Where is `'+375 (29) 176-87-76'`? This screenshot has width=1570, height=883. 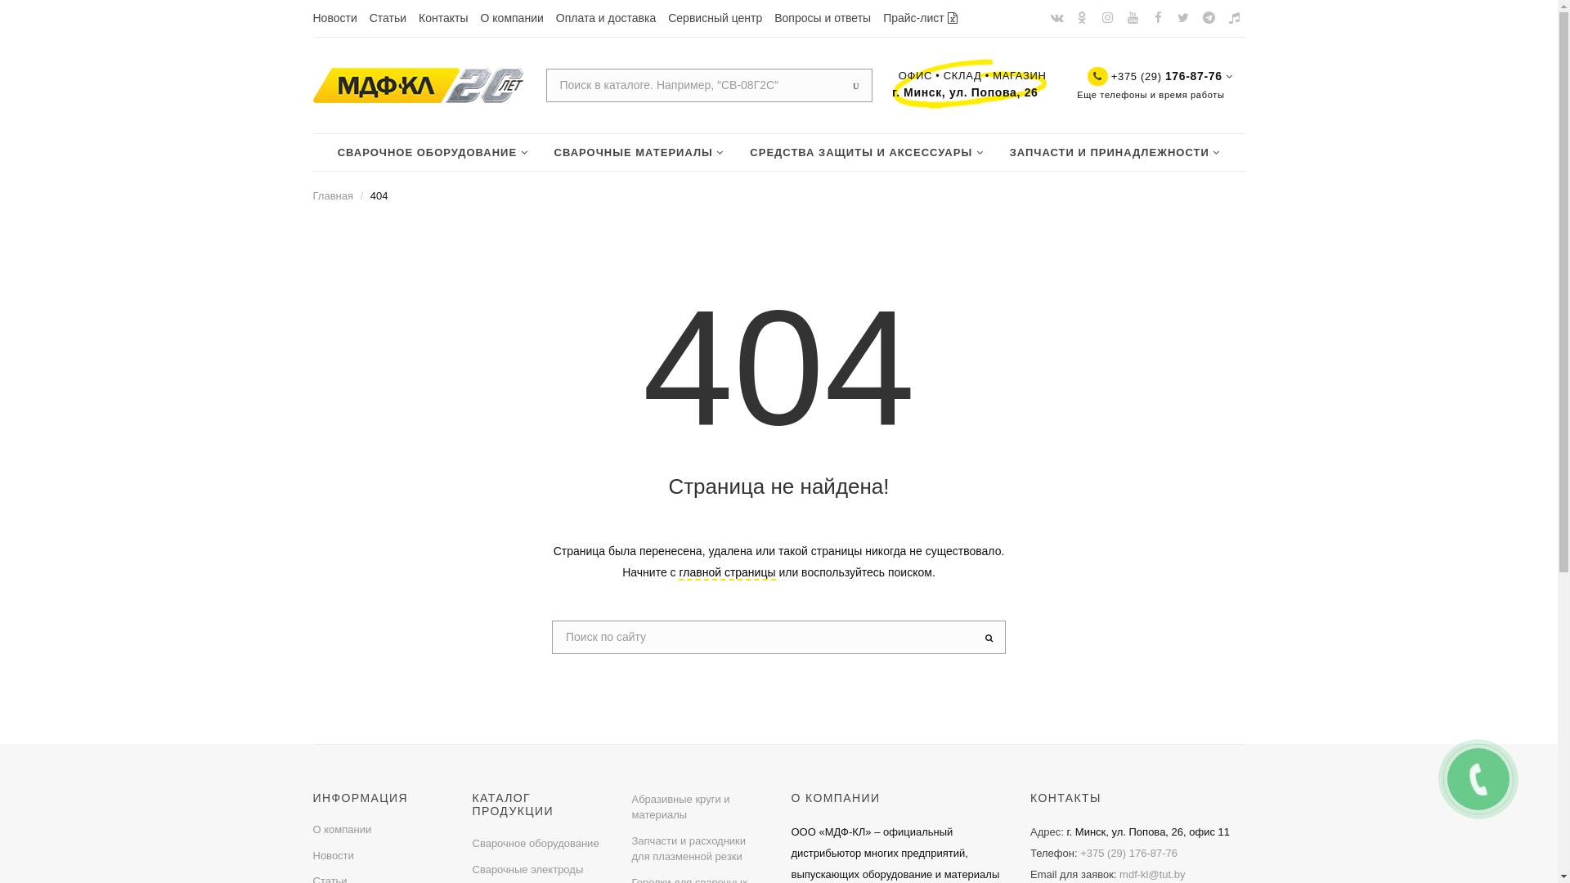 '+375 (29) 176-87-76' is located at coordinates (1128, 852).